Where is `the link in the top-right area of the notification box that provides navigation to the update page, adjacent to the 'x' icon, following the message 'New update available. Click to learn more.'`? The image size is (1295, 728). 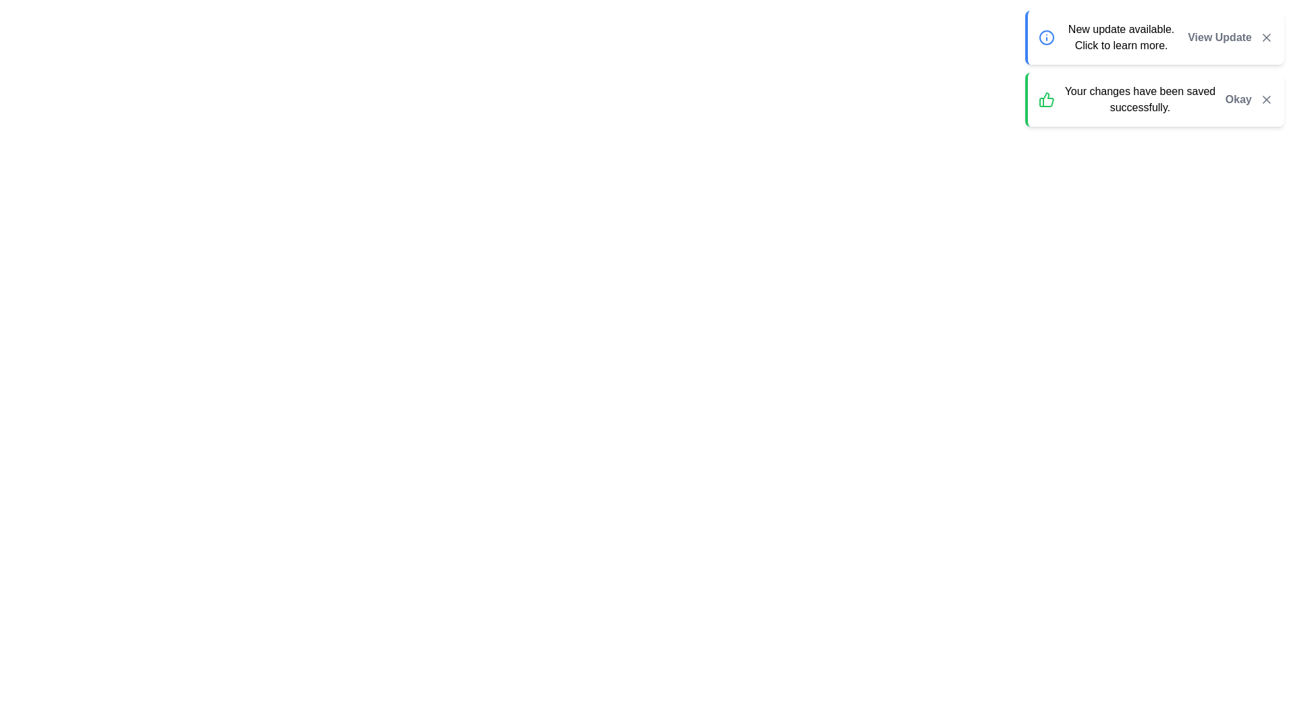 the link in the top-right area of the notification box that provides navigation to the update page, adjacent to the 'x' icon, following the message 'New update available. Click to learn more.' is located at coordinates (1219, 37).